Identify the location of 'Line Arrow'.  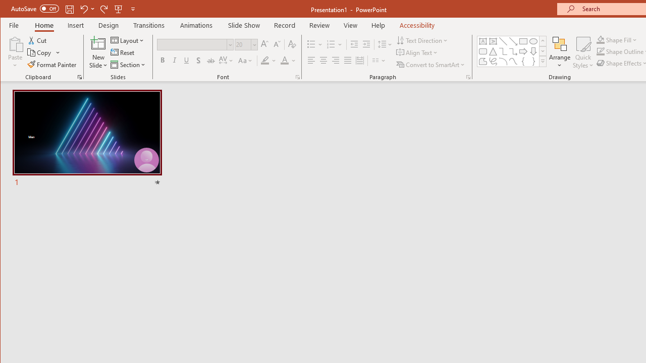
(513, 41).